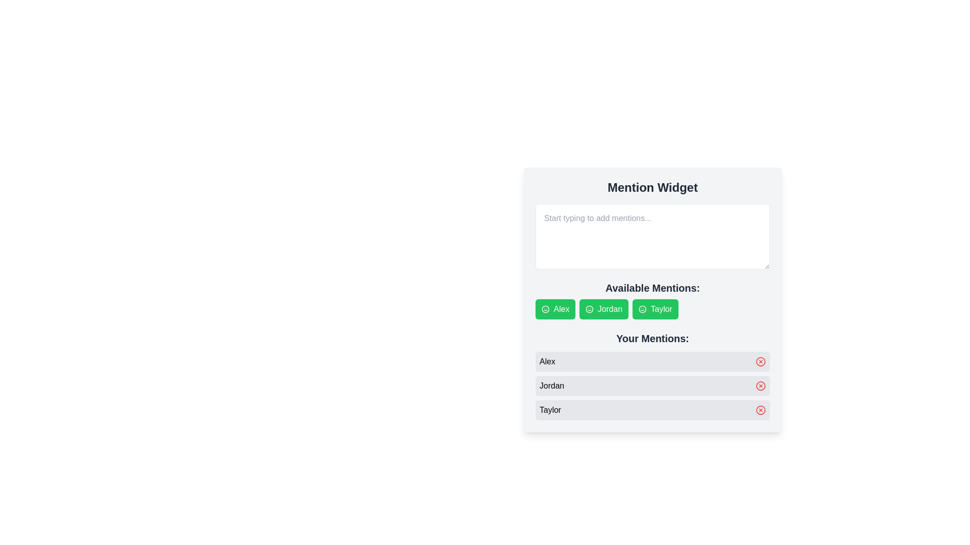 This screenshot has height=545, width=970. Describe the element at coordinates (550, 410) in the screenshot. I see `the text label displaying 'Taylor' located in the third item of the 'Your Mentions' section, below the labels 'Alex' and 'Jordan'` at that location.